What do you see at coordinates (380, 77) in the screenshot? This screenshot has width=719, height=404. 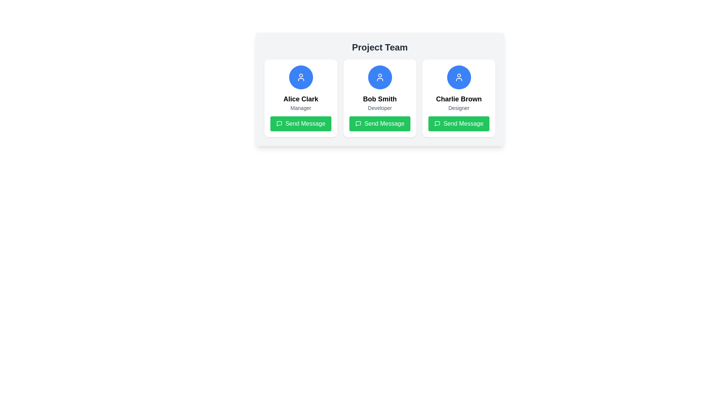 I see `the user profile icon for 'Bob Smith', which is represented by a circular outline with a figure inside on a blue circular background, located in the middle card of the 'Project Team' section` at bounding box center [380, 77].